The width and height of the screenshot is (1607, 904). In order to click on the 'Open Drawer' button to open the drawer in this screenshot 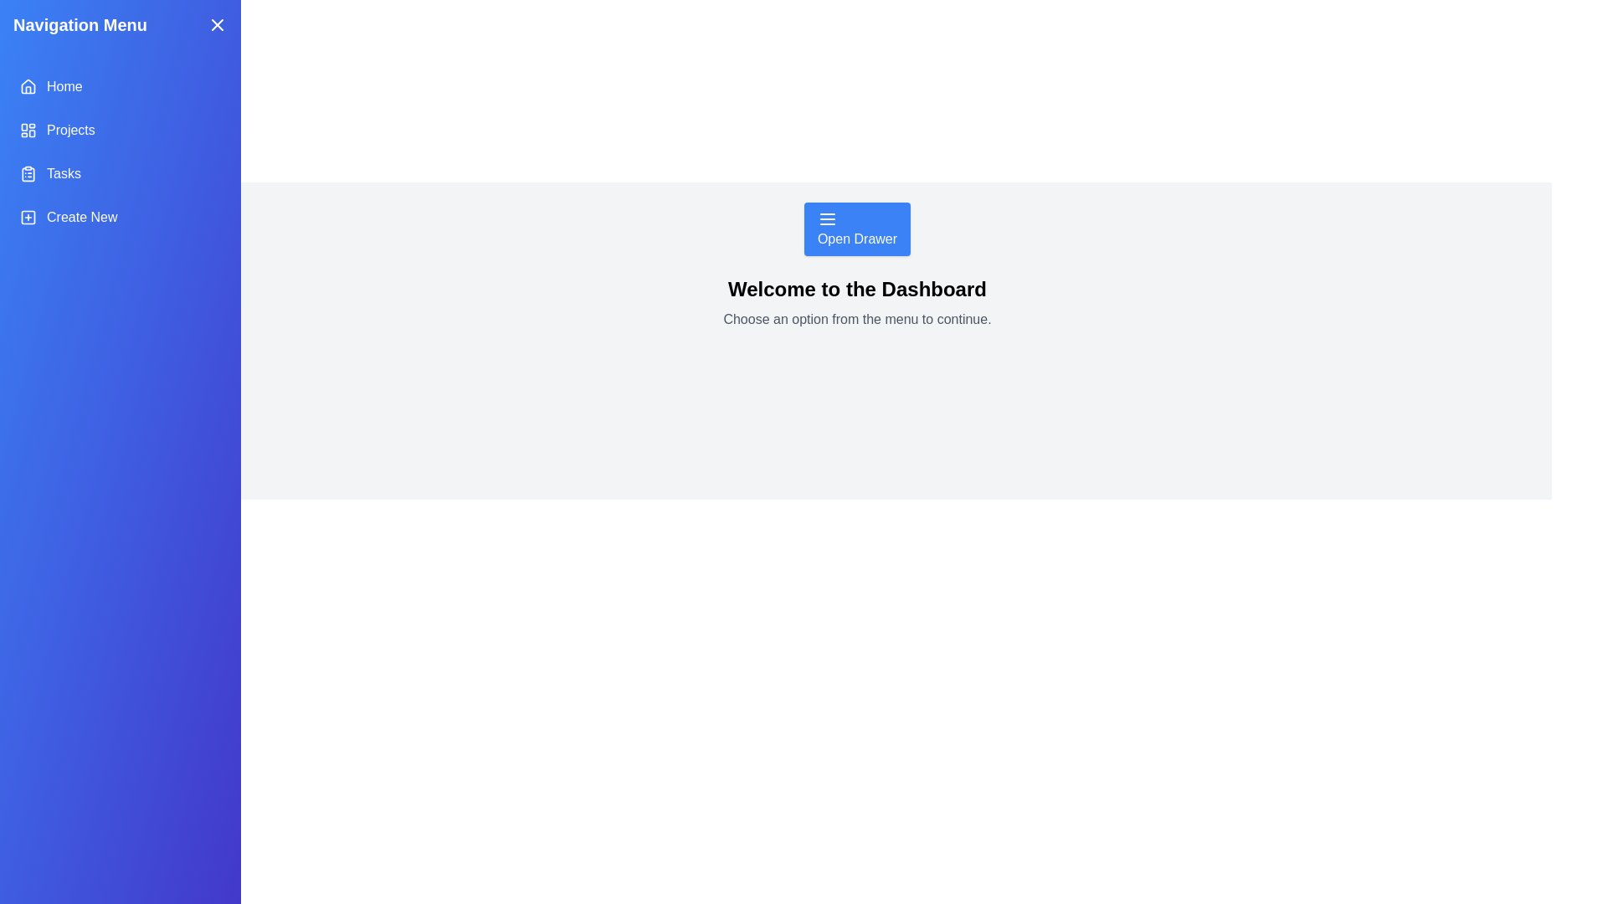, I will do `click(857, 229)`.